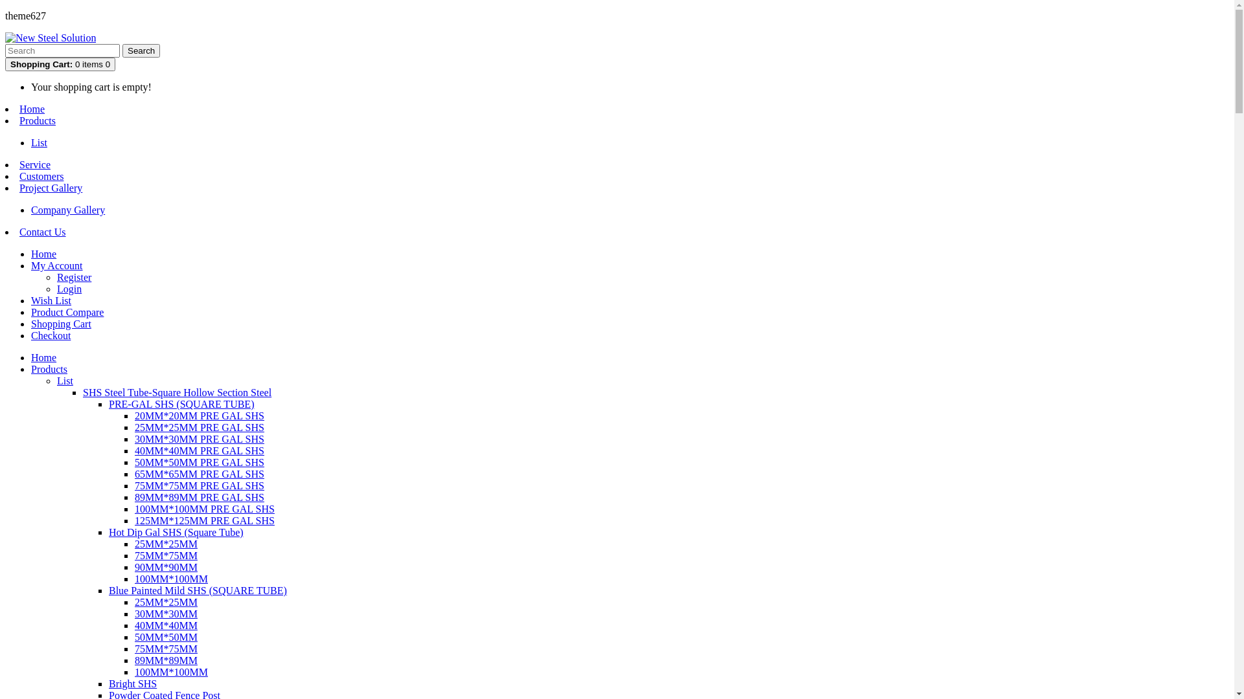  I want to click on 'SHS Steel Tube-Square Hollow Section Steel', so click(176, 392).